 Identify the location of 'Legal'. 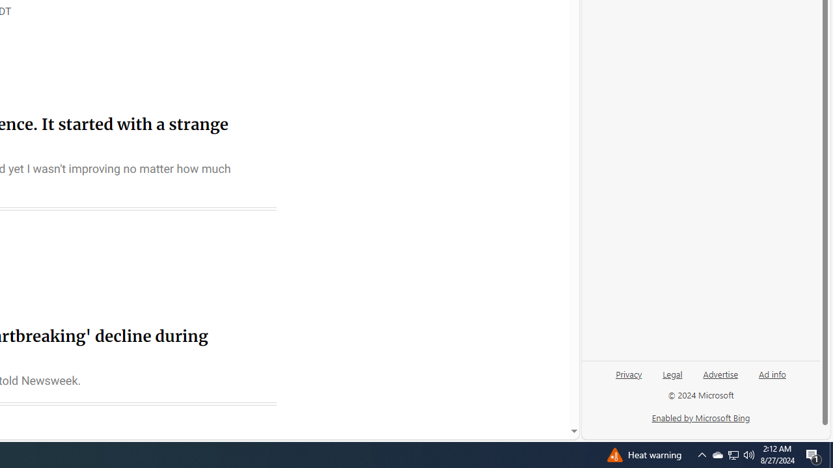
(672, 373).